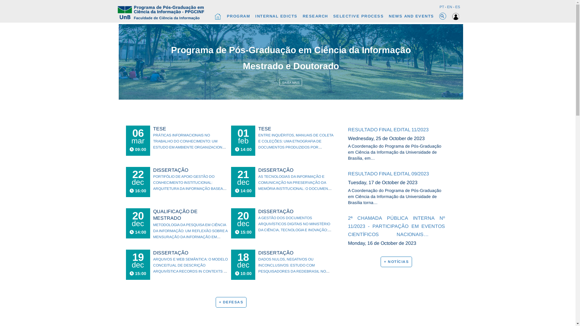 Image resolution: width=580 pixels, height=326 pixels. Describe the element at coordinates (358, 16) in the screenshot. I see `'SELECTIVE PROCESS'` at that location.